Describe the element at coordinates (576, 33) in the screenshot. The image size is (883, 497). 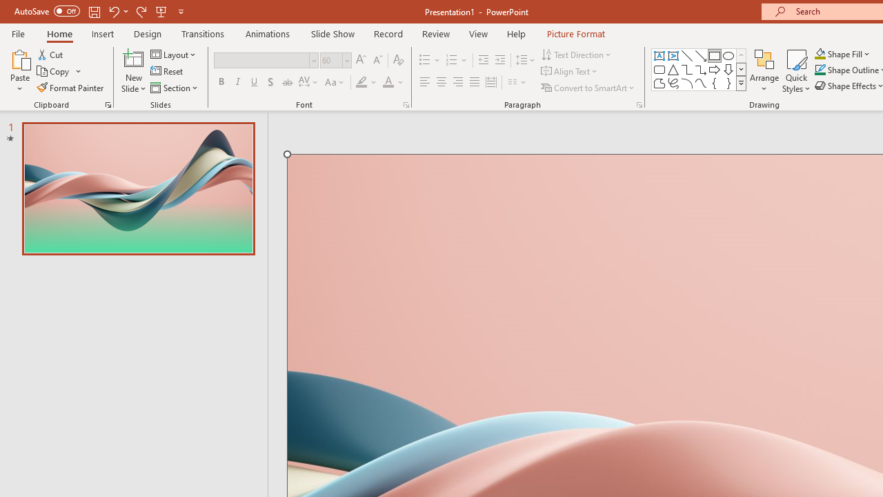
I see `'Picture Format'` at that location.